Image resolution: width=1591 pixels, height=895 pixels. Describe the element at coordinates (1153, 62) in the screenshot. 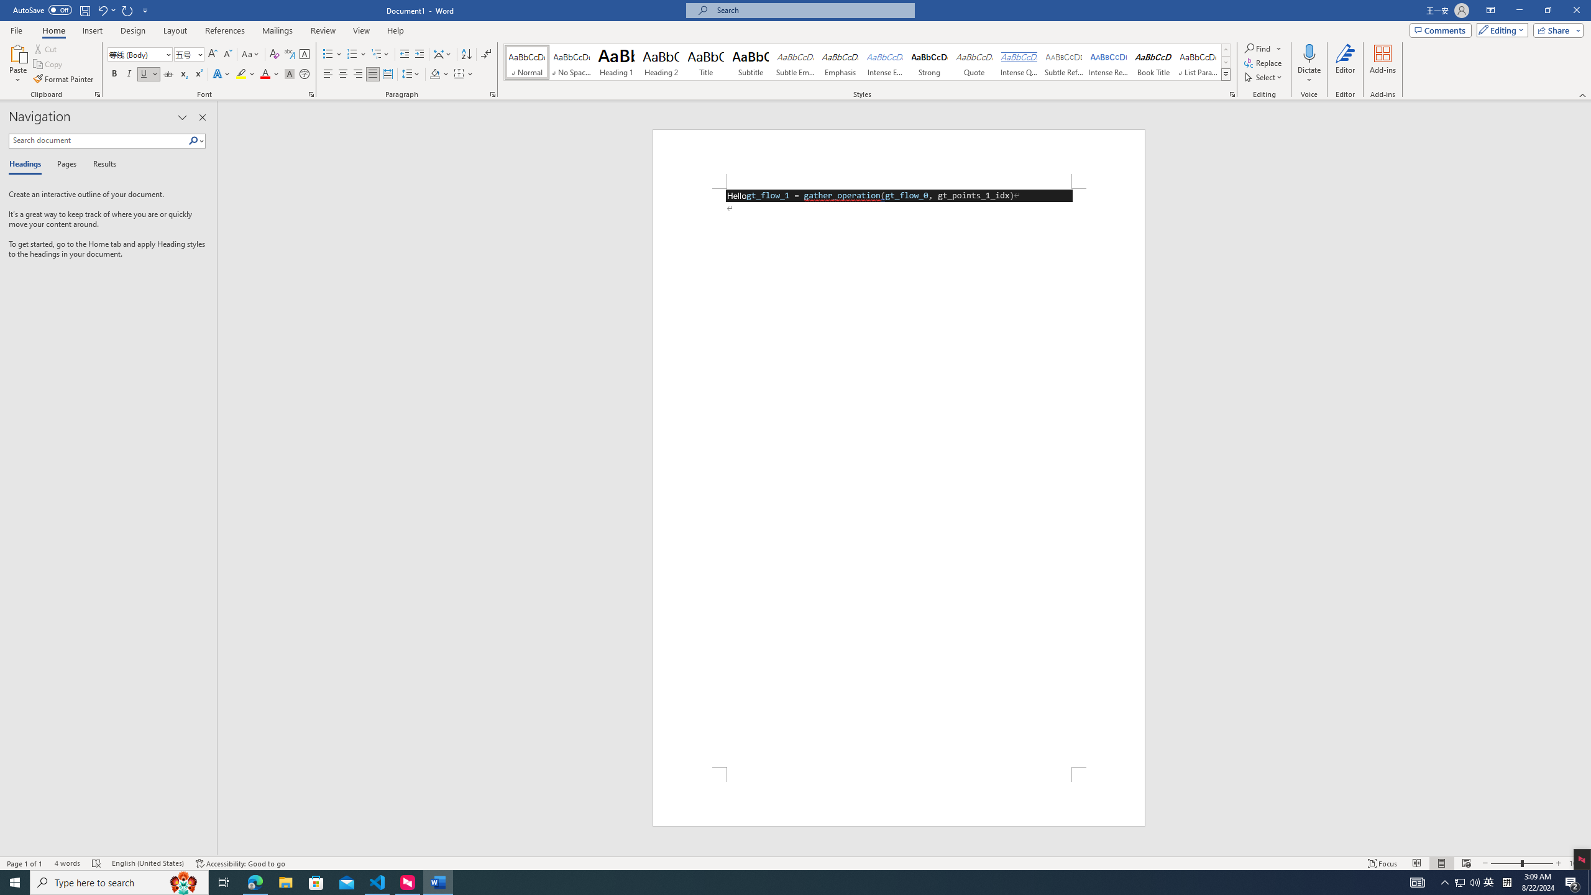

I see `'Book Title'` at that location.